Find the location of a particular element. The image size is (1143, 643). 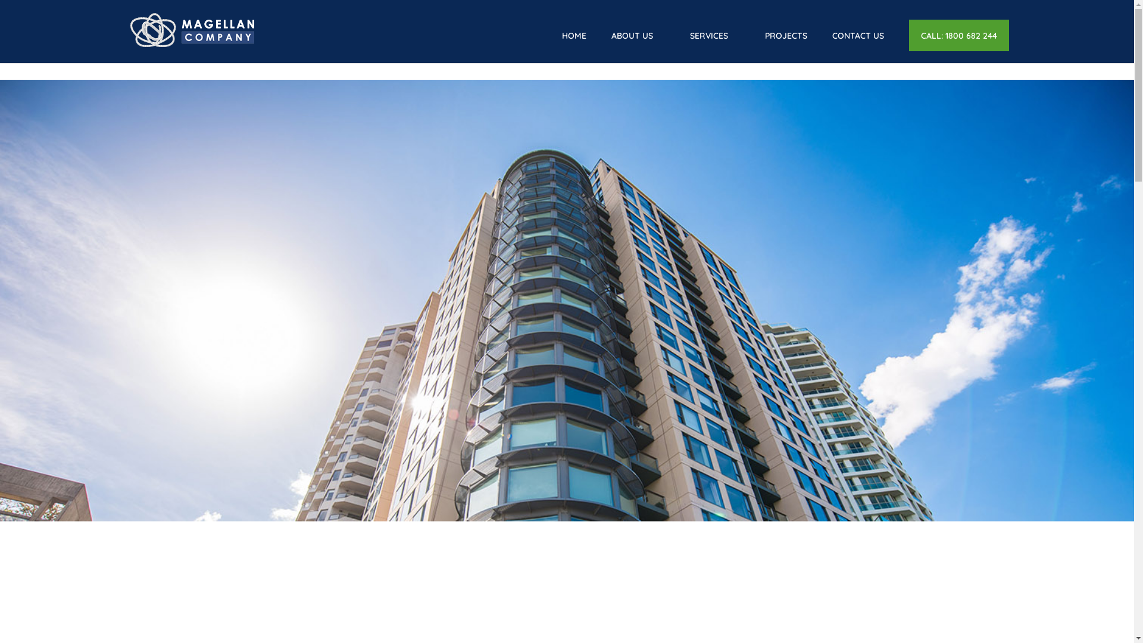

'CONTACT US' is located at coordinates (831, 45).